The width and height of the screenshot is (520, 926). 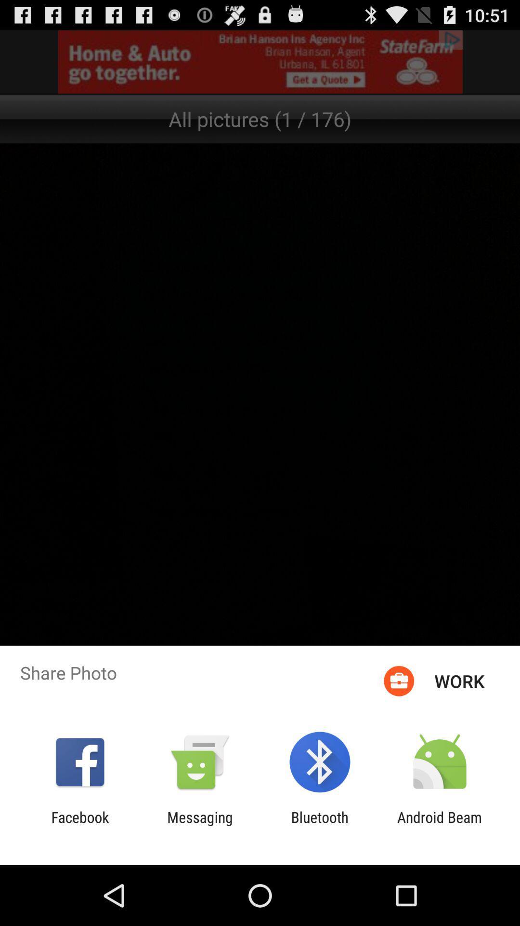 I want to click on facebook icon, so click(x=79, y=825).